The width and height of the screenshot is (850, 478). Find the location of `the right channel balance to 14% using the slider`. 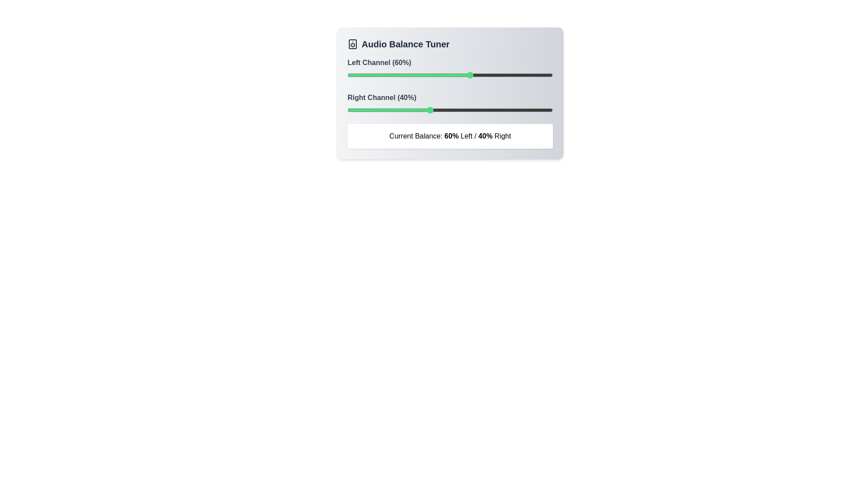

the right channel balance to 14% using the slider is located at coordinates (376, 110).